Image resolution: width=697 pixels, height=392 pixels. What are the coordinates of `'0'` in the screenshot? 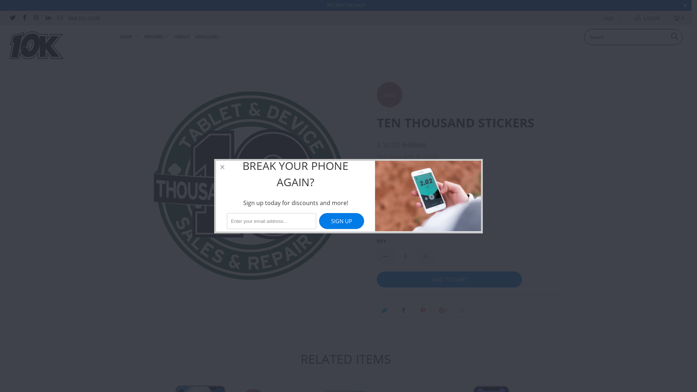 It's located at (667, 18).